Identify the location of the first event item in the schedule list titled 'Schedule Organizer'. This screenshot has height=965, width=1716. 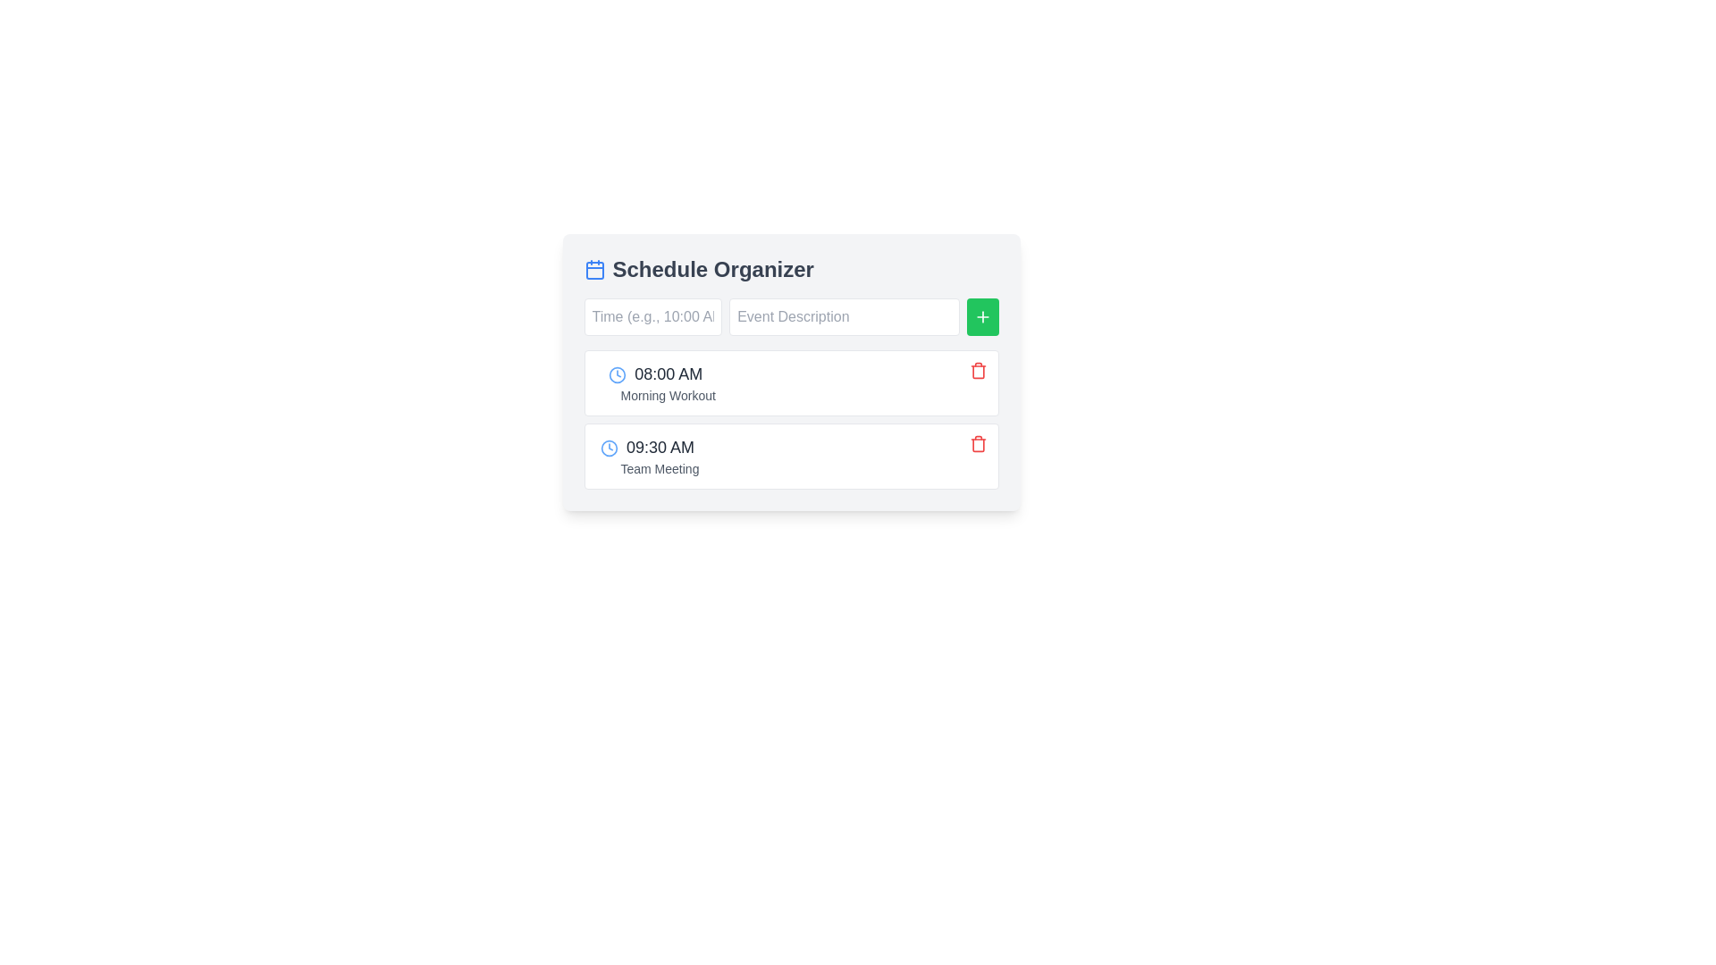
(654, 382).